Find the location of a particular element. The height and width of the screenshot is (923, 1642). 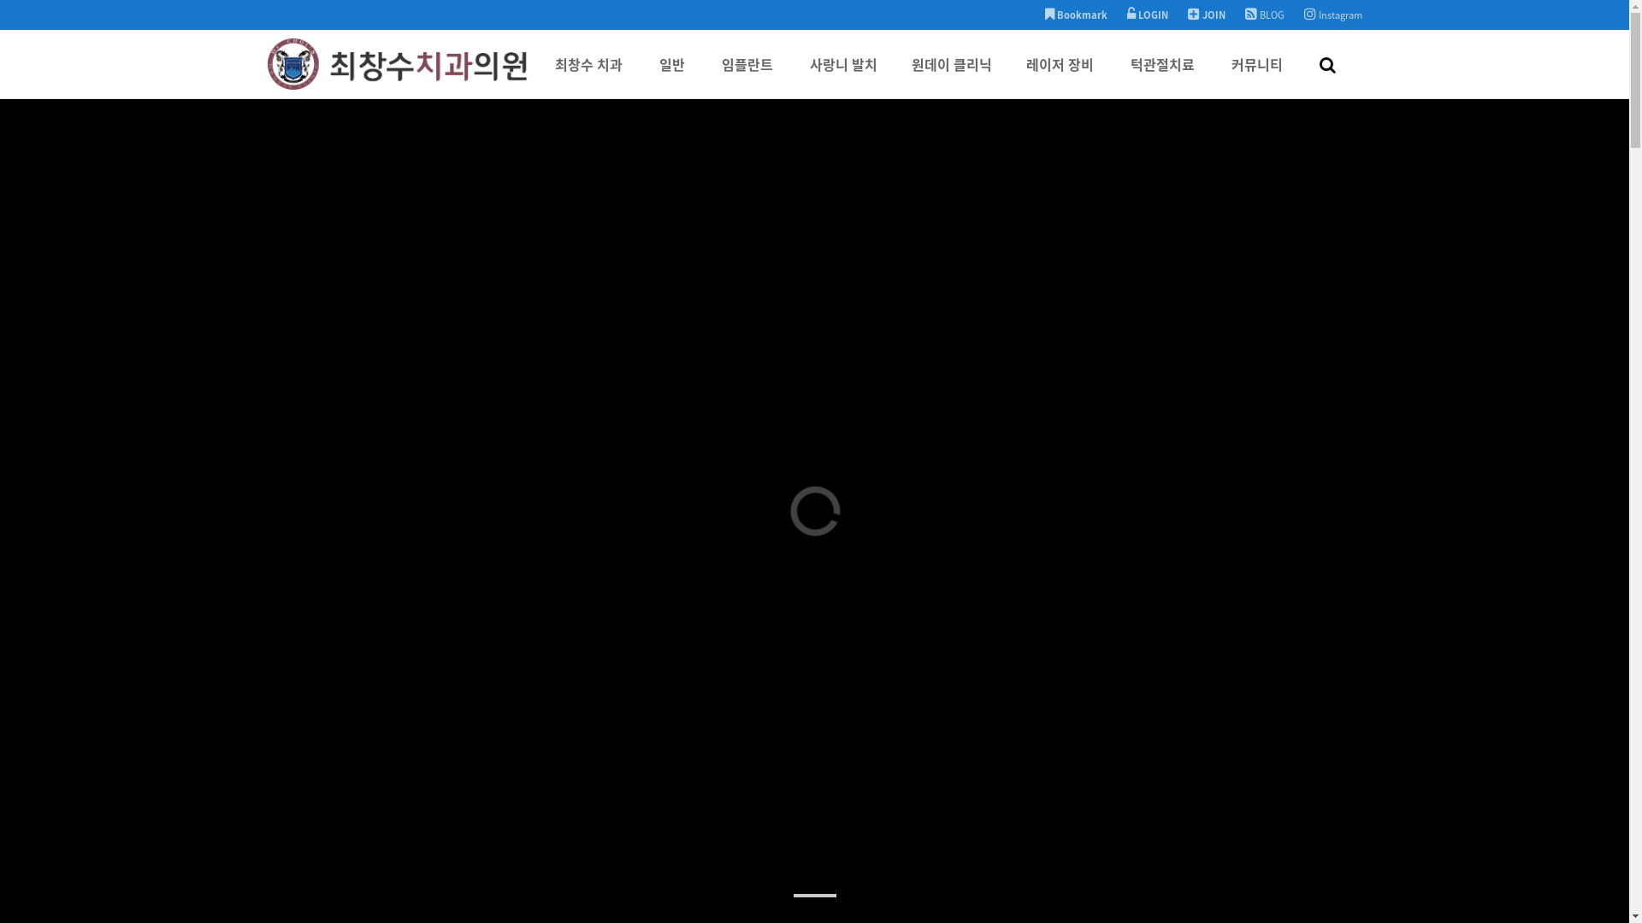

'Instagram' is located at coordinates (1294, 15).